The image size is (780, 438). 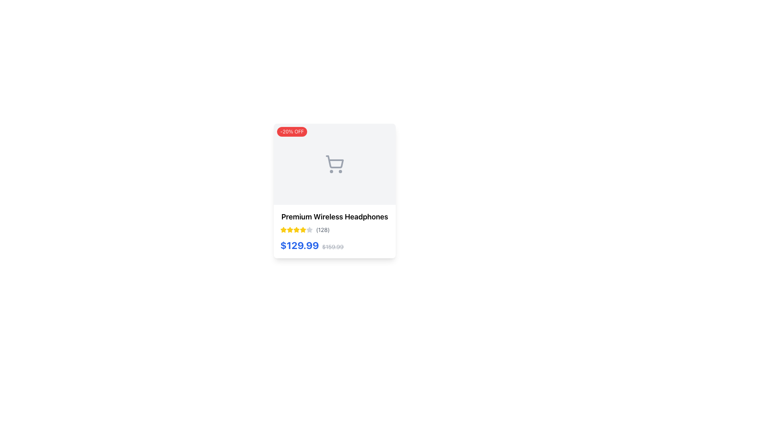 What do you see at coordinates (296, 230) in the screenshot?
I see `the third yellow star icon in the rating section of the 'Premium Wireless Headphones' product to interact with the rating system` at bounding box center [296, 230].